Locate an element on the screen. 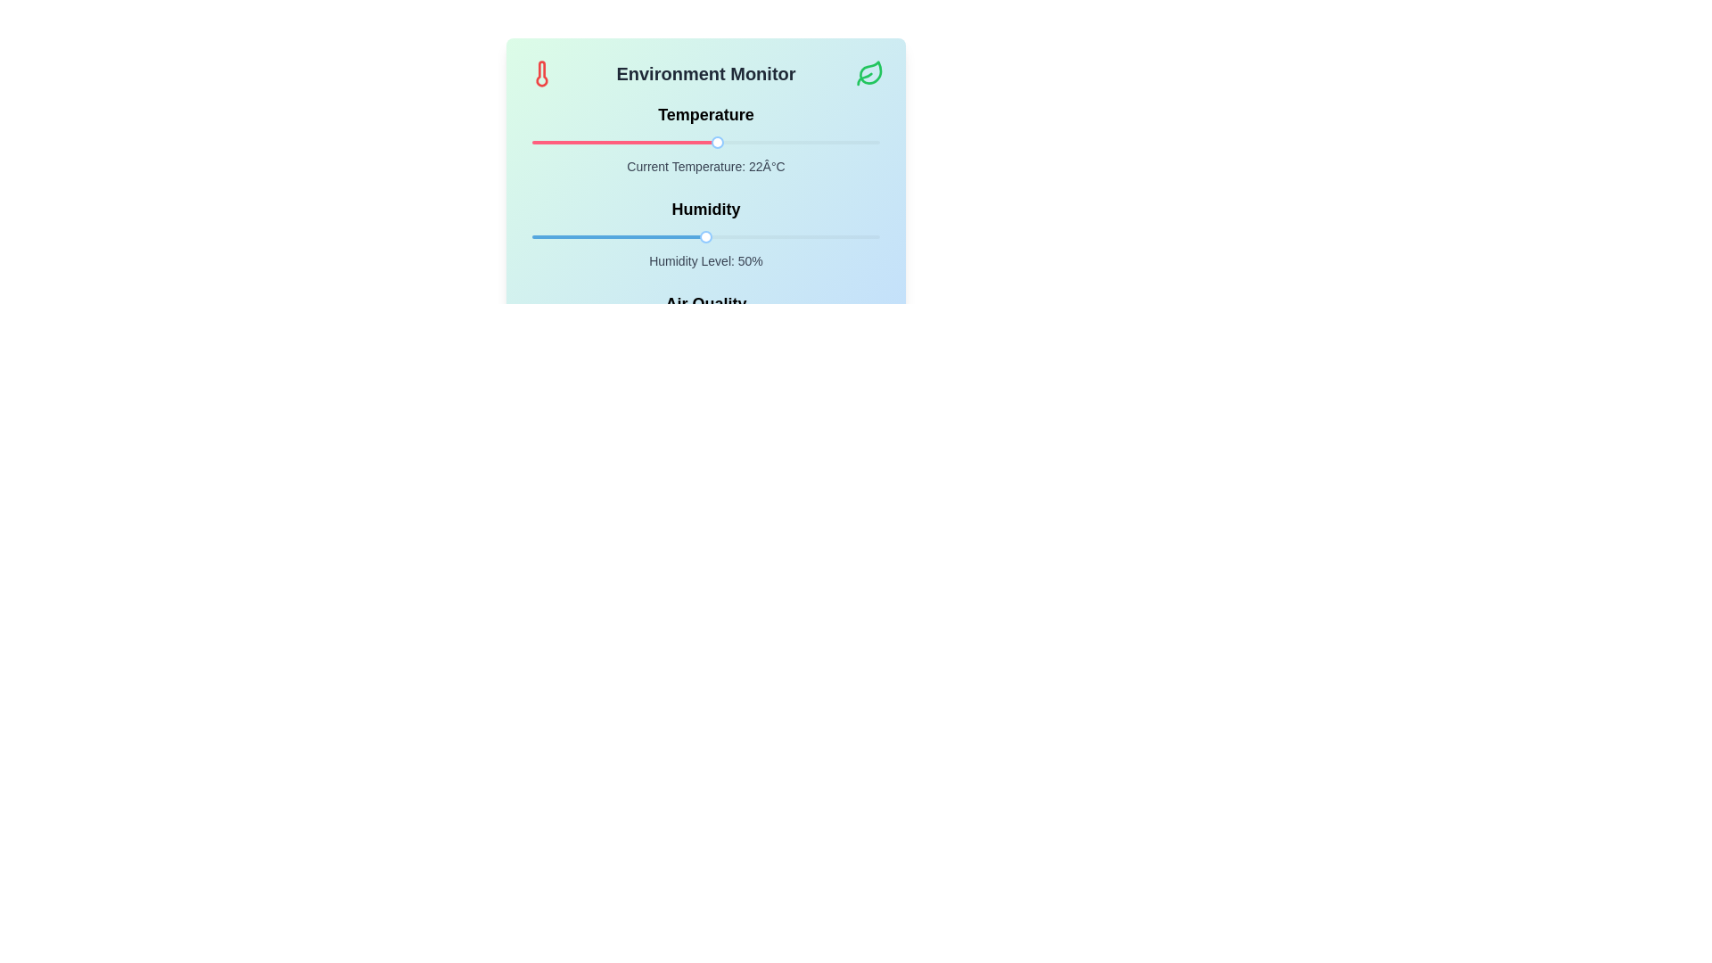  humidity is located at coordinates (802, 236).